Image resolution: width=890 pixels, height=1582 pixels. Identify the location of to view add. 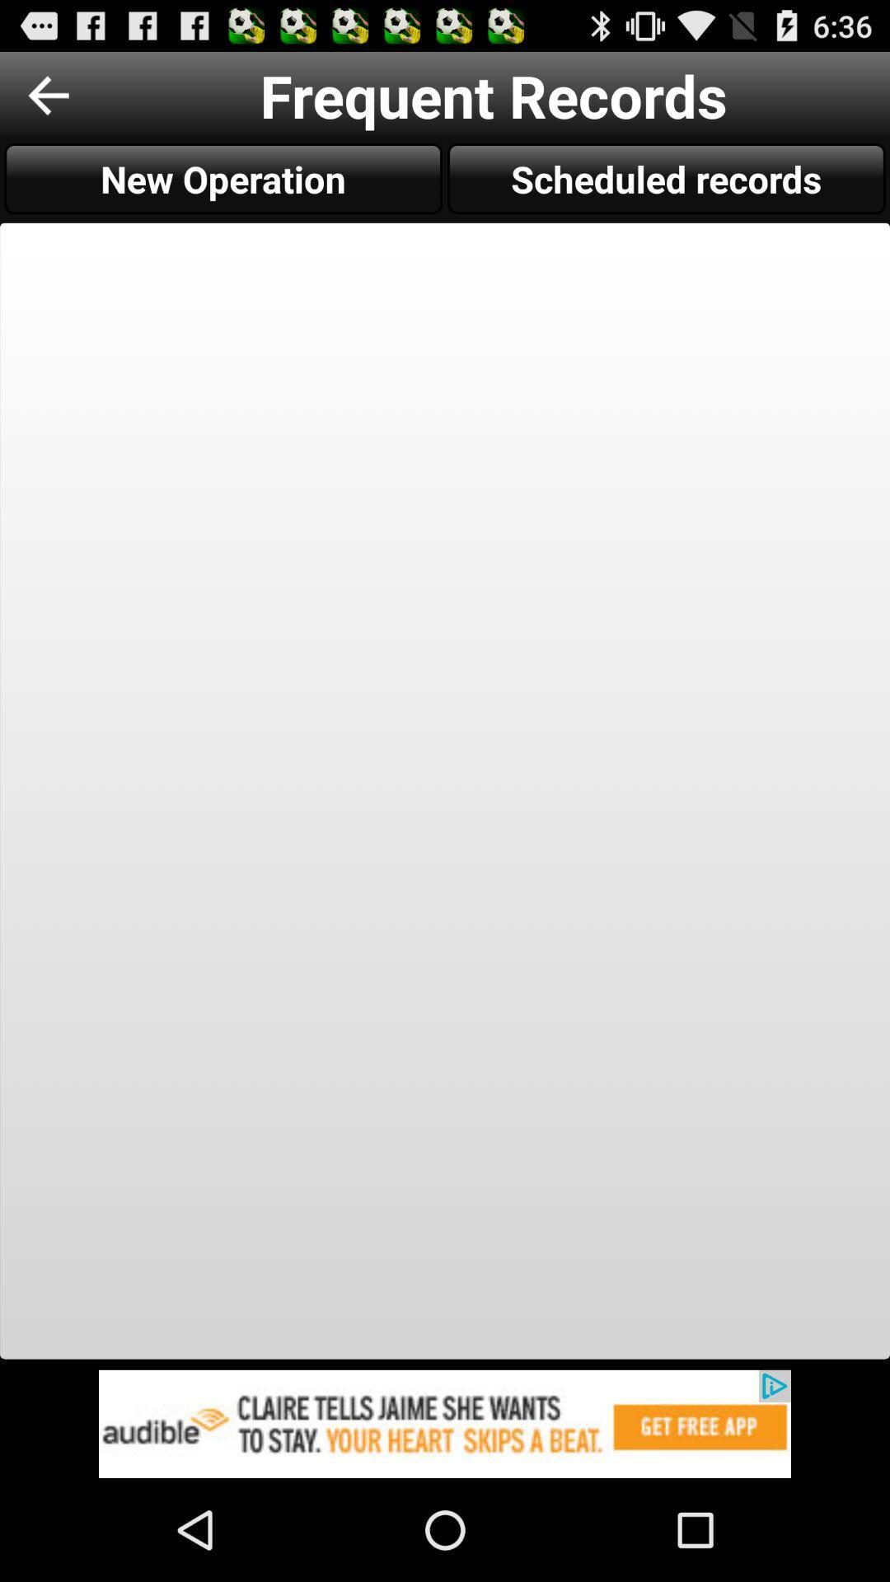
(445, 1423).